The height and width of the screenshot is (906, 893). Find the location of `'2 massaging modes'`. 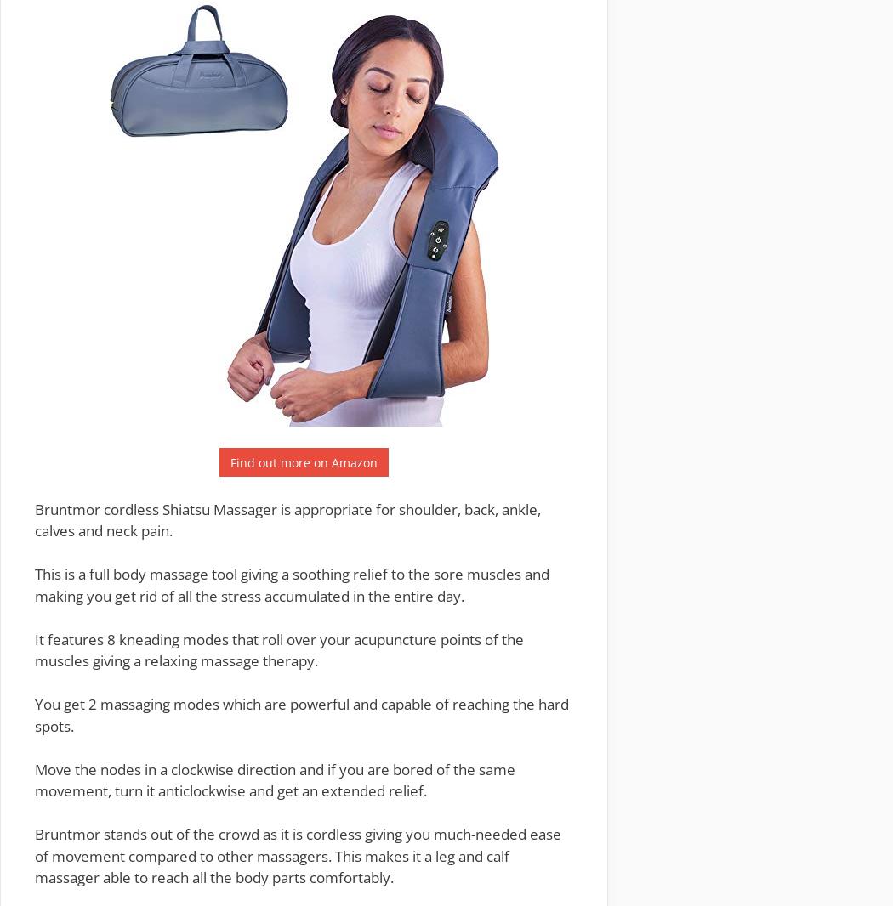

'2 massaging modes' is located at coordinates (154, 704).